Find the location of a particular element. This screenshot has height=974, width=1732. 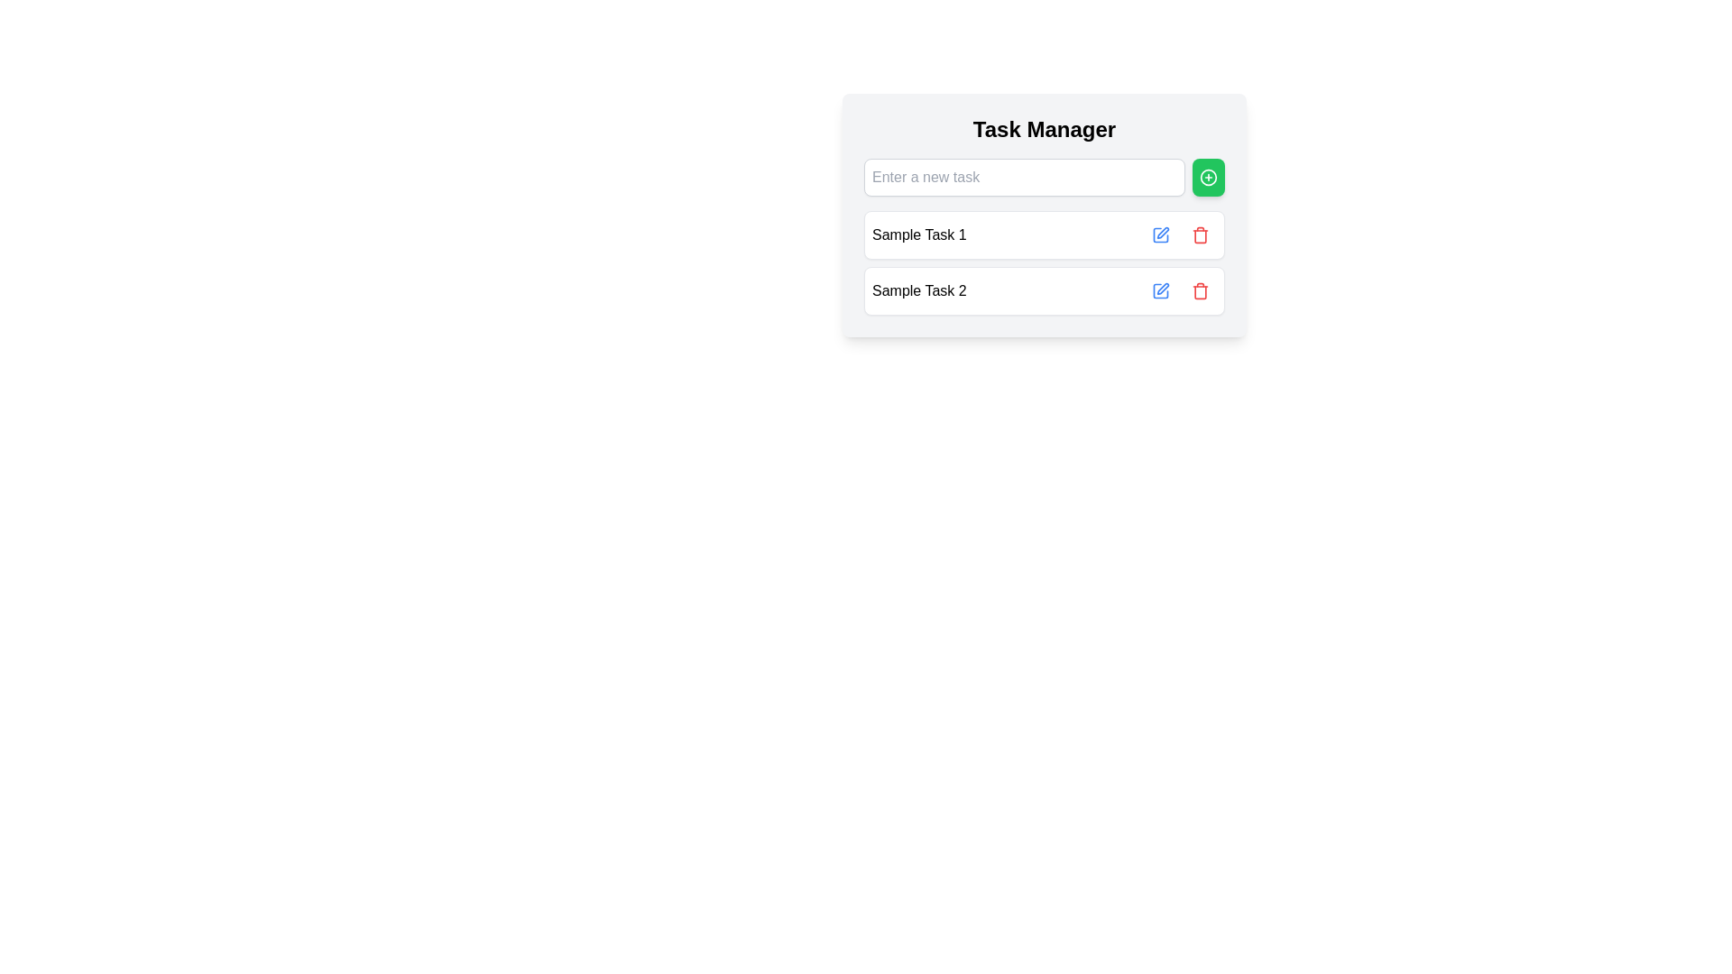

the red trash icon button located to the right of the edit icon in the action panel for 'Sample Task 1' is located at coordinates (1200, 234).